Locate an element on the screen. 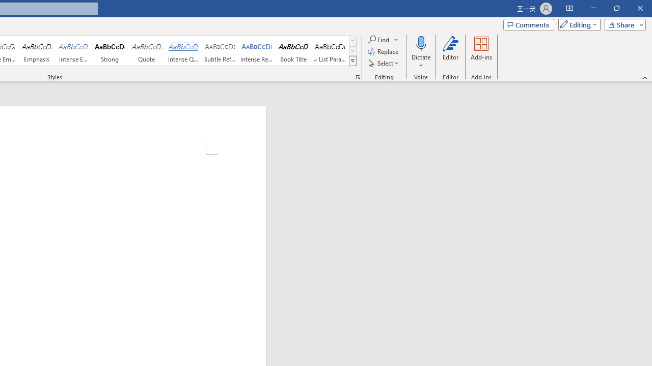 This screenshot has width=652, height=366. 'Ribbon Display Options' is located at coordinates (569, 8).